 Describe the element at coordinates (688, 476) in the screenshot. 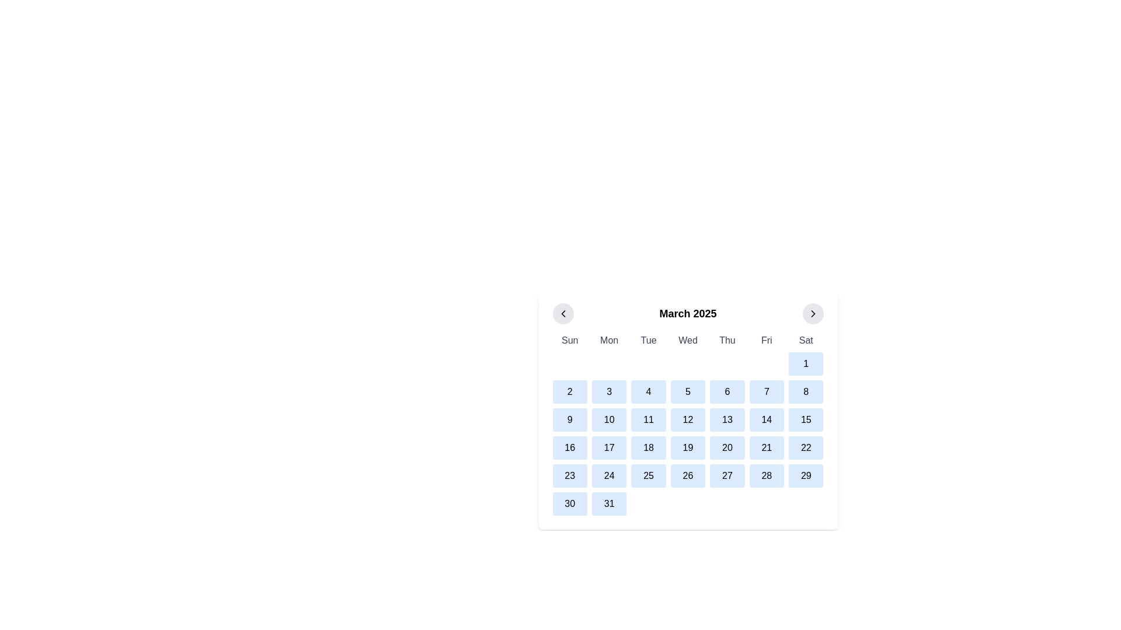

I see `the rectangular button with a light blue background and centered text '26'` at that location.